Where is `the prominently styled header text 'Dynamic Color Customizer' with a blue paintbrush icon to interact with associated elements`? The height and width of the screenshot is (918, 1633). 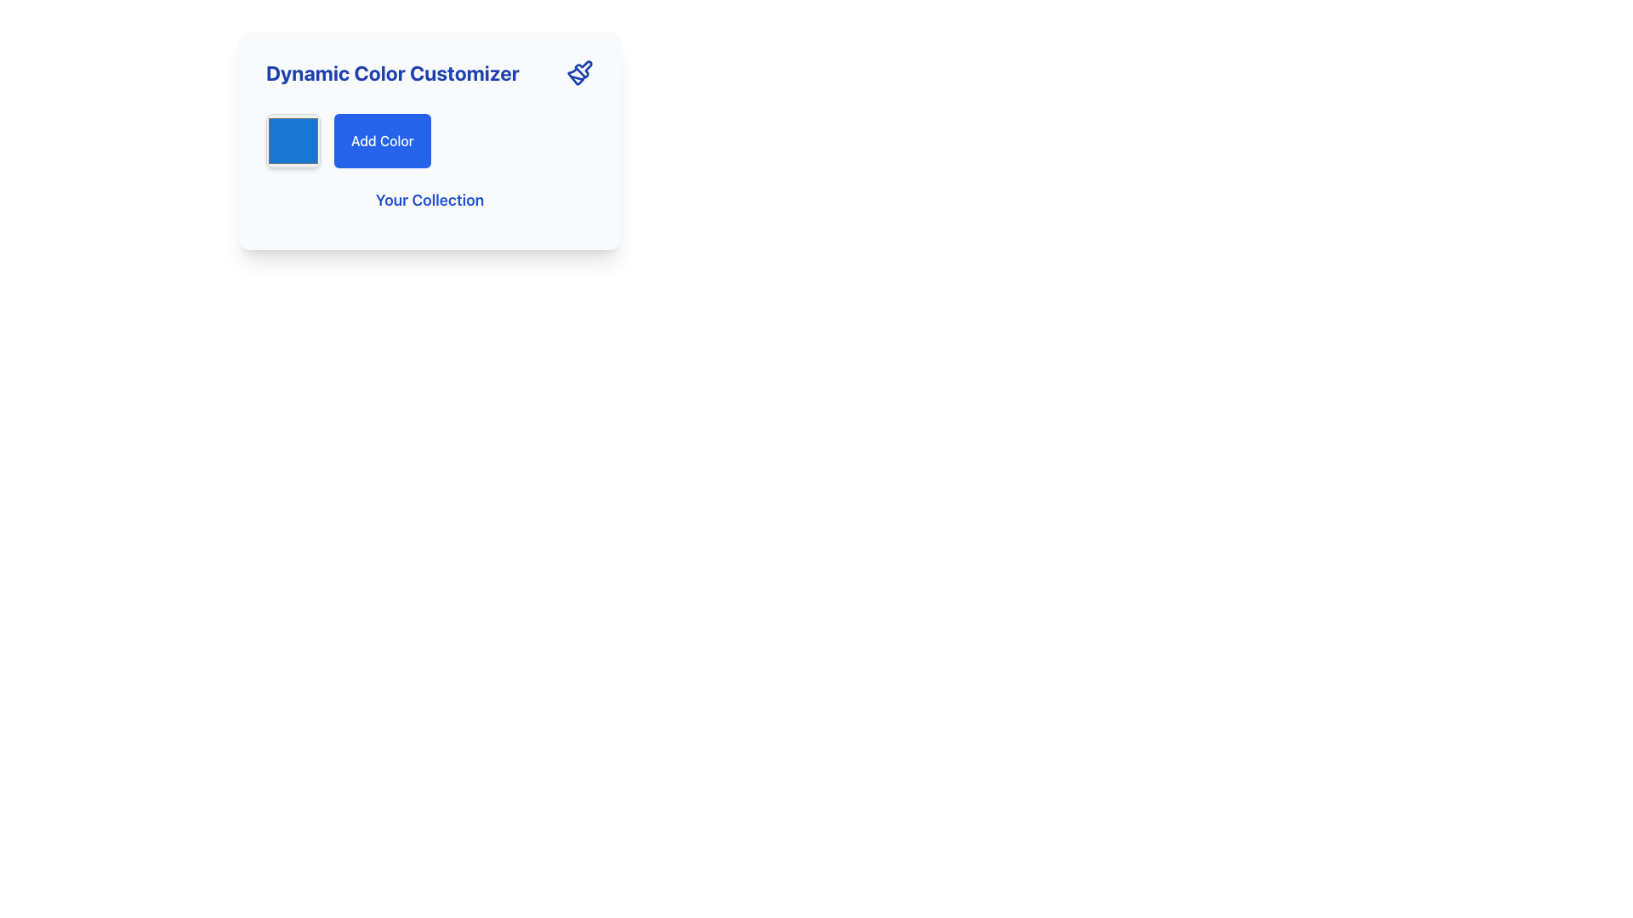
the prominently styled header text 'Dynamic Color Customizer' with a blue paintbrush icon to interact with associated elements is located at coordinates (430, 71).